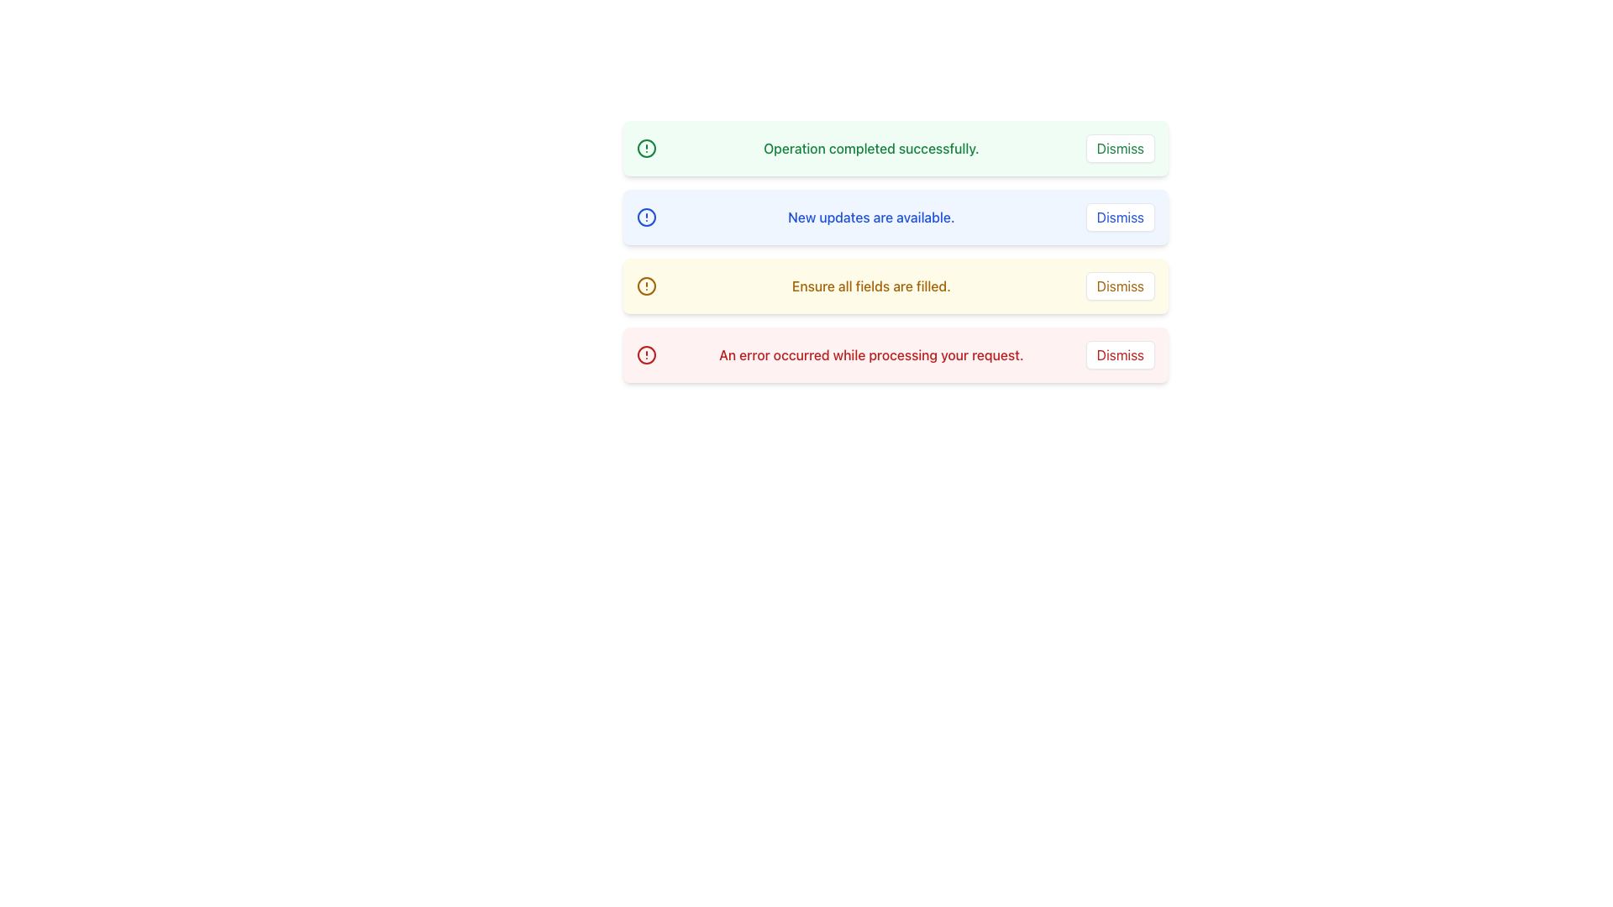 The width and height of the screenshot is (1613, 907). I want to click on the circular icon with a white fill and blue border that contains an exclamation mark symbol, located within the second notification box indicating 'New updates are available.', so click(645, 216).